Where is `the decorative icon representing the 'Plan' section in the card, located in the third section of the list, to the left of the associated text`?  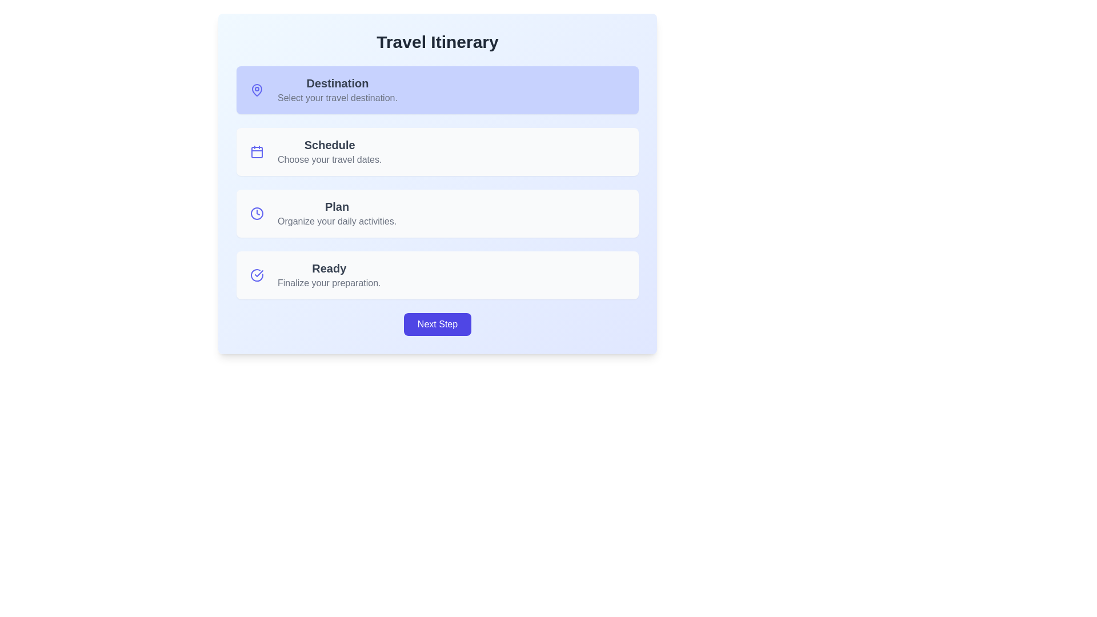 the decorative icon representing the 'Plan' section in the card, located in the third section of the list, to the left of the associated text is located at coordinates (257, 214).